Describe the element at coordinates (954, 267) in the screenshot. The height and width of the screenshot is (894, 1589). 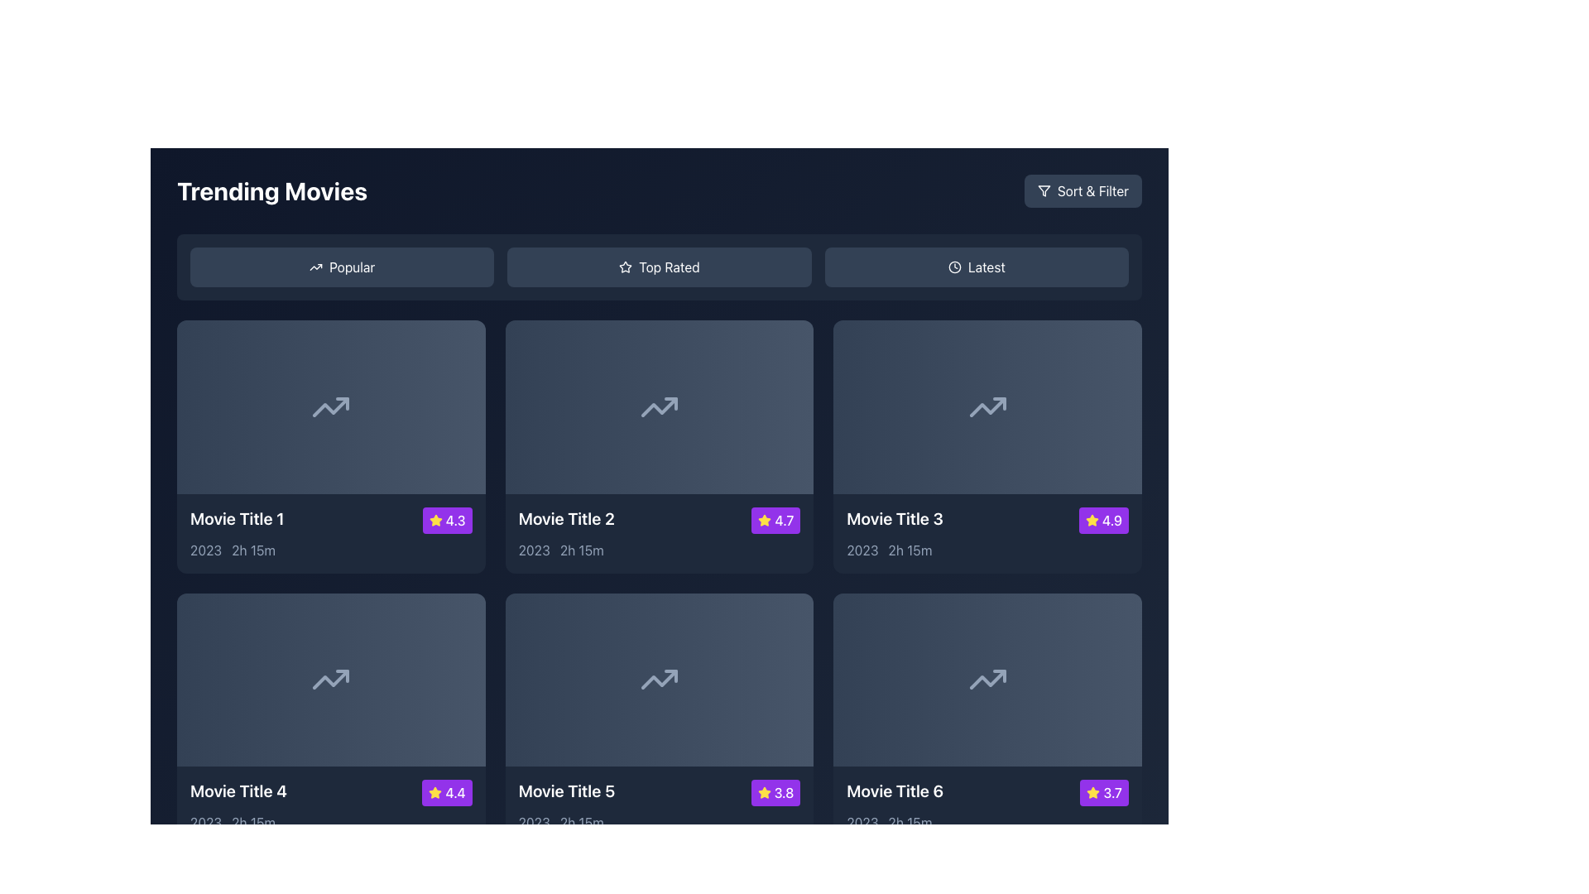
I see `SVG Circle component that visually represents the 'Latest' sorting button in the header section of the layout` at that location.